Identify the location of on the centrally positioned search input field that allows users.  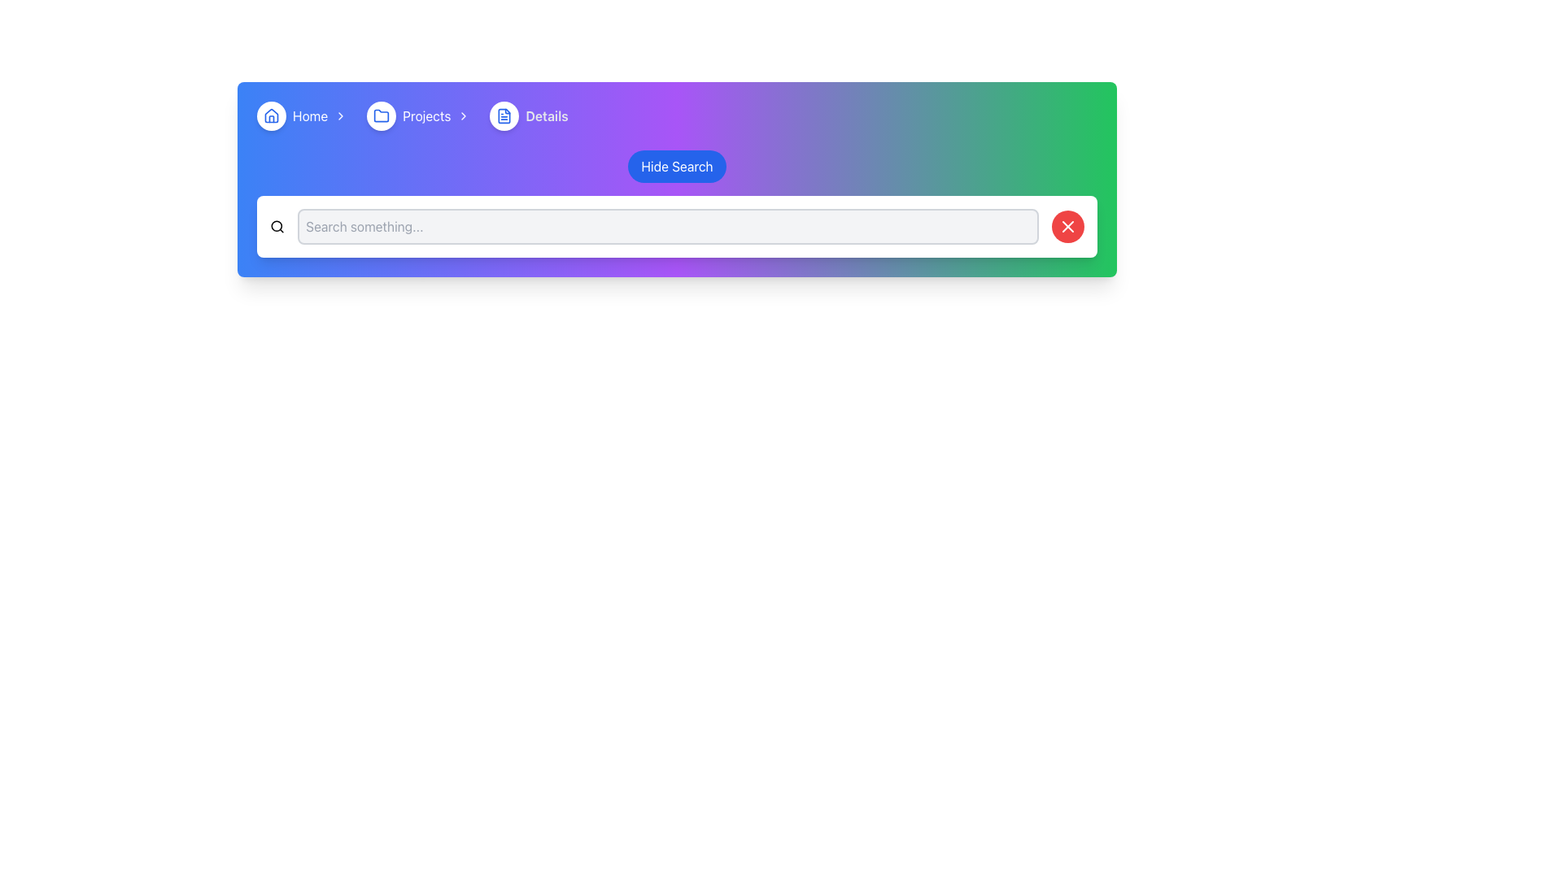
(668, 226).